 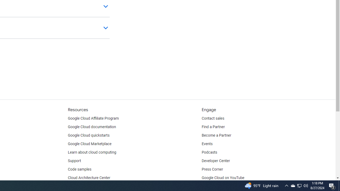 What do you see at coordinates (216, 135) in the screenshot?
I see `'Become a Partner'` at bounding box center [216, 135].